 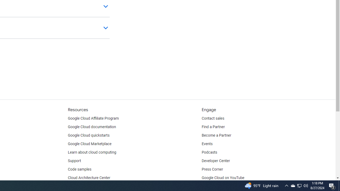 What do you see at coordinates (216, 135) in the screenshot?
I see `'Become a Partner'` at bounding box center [216, 135].